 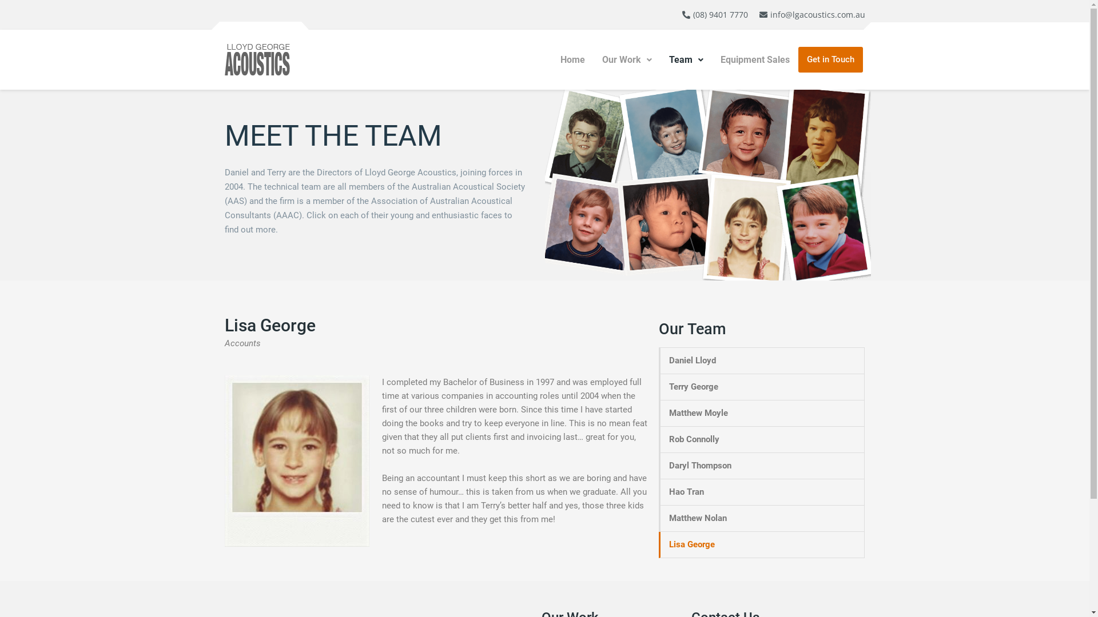 I want to click on 'Lisa George', so click(x=762, y=544).